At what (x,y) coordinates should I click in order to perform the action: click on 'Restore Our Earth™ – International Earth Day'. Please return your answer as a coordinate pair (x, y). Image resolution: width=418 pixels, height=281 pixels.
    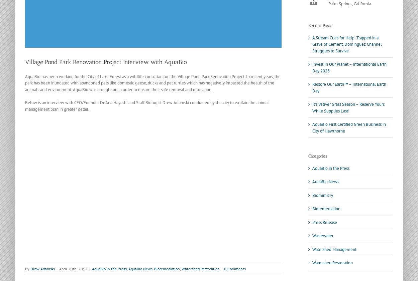
    Looking at the image, I should click on (349, 87).